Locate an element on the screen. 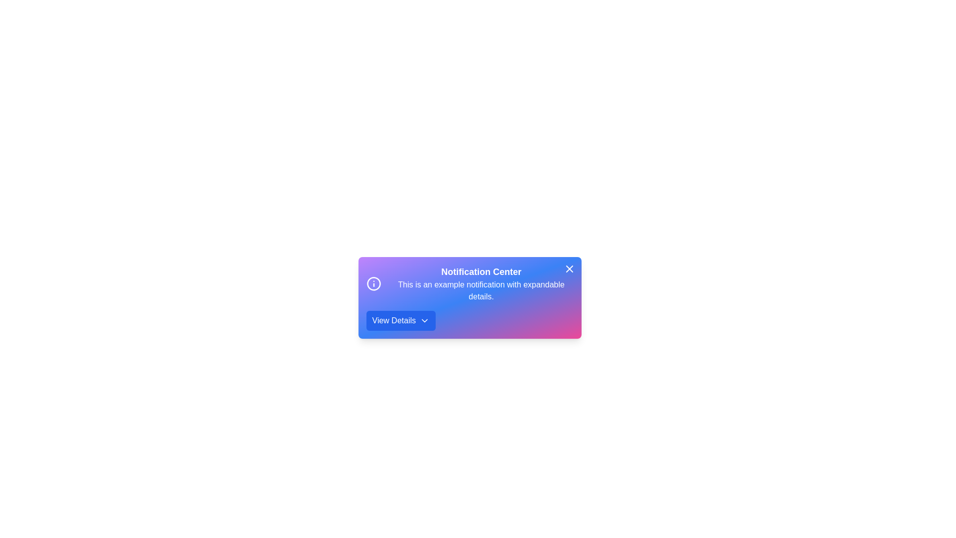  the 'X' button to close the notification is located at coordinates (569, 269).